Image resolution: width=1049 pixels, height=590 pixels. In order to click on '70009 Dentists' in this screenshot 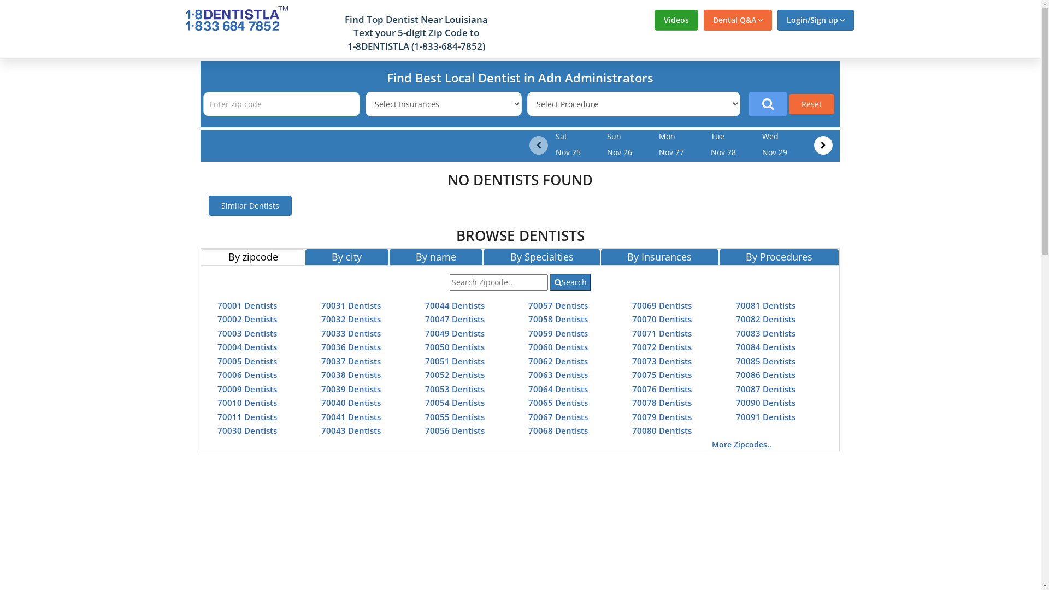, I will do `click(246, 388)`.